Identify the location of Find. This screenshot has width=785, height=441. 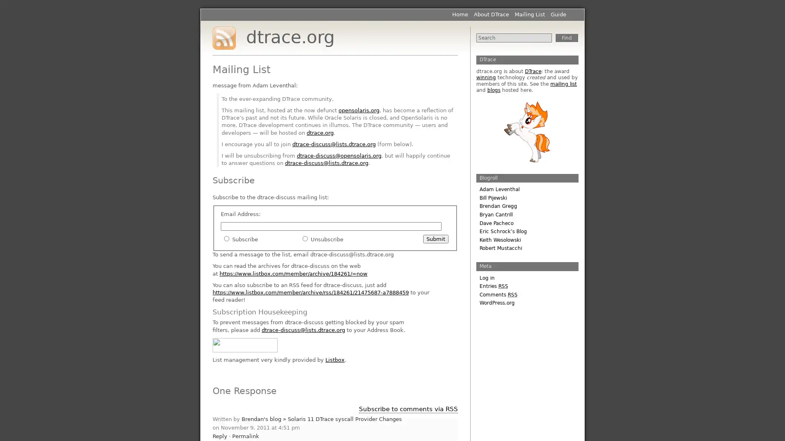
(566, 38).